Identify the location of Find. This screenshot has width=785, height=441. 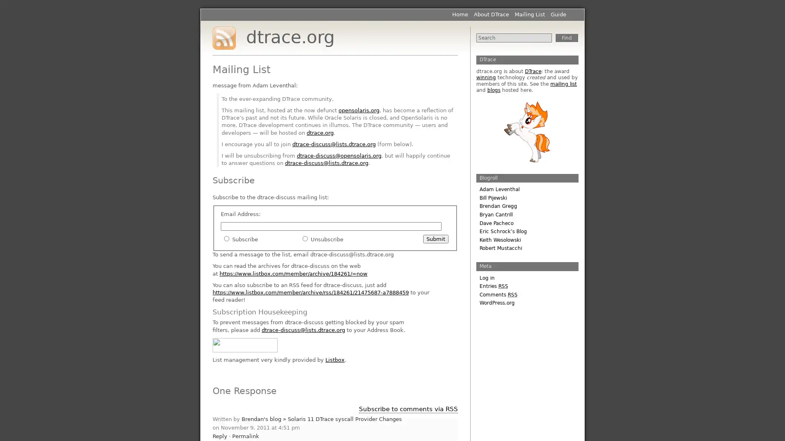
(566, 38).